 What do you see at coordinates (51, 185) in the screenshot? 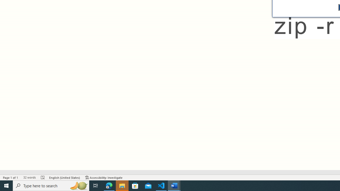
I see `'Type here to search'` at bounding box center [51, 185].